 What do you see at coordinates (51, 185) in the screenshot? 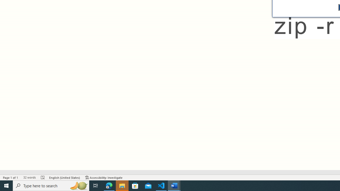
I see `'Type here to search'` at bounding box center [51, 185].